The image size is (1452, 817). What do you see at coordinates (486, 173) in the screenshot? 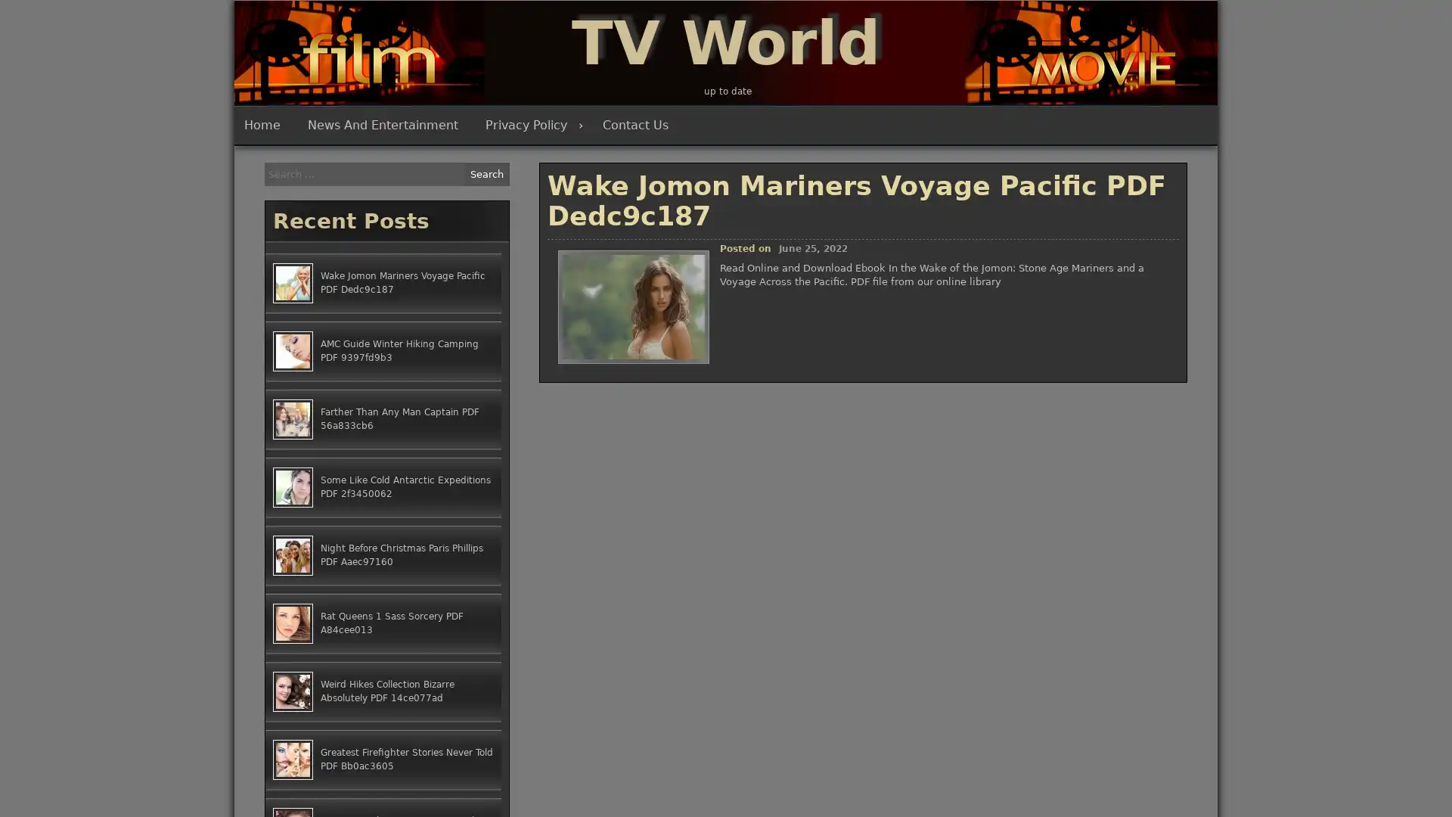
I see `Search` at bounding box center [486, 173].